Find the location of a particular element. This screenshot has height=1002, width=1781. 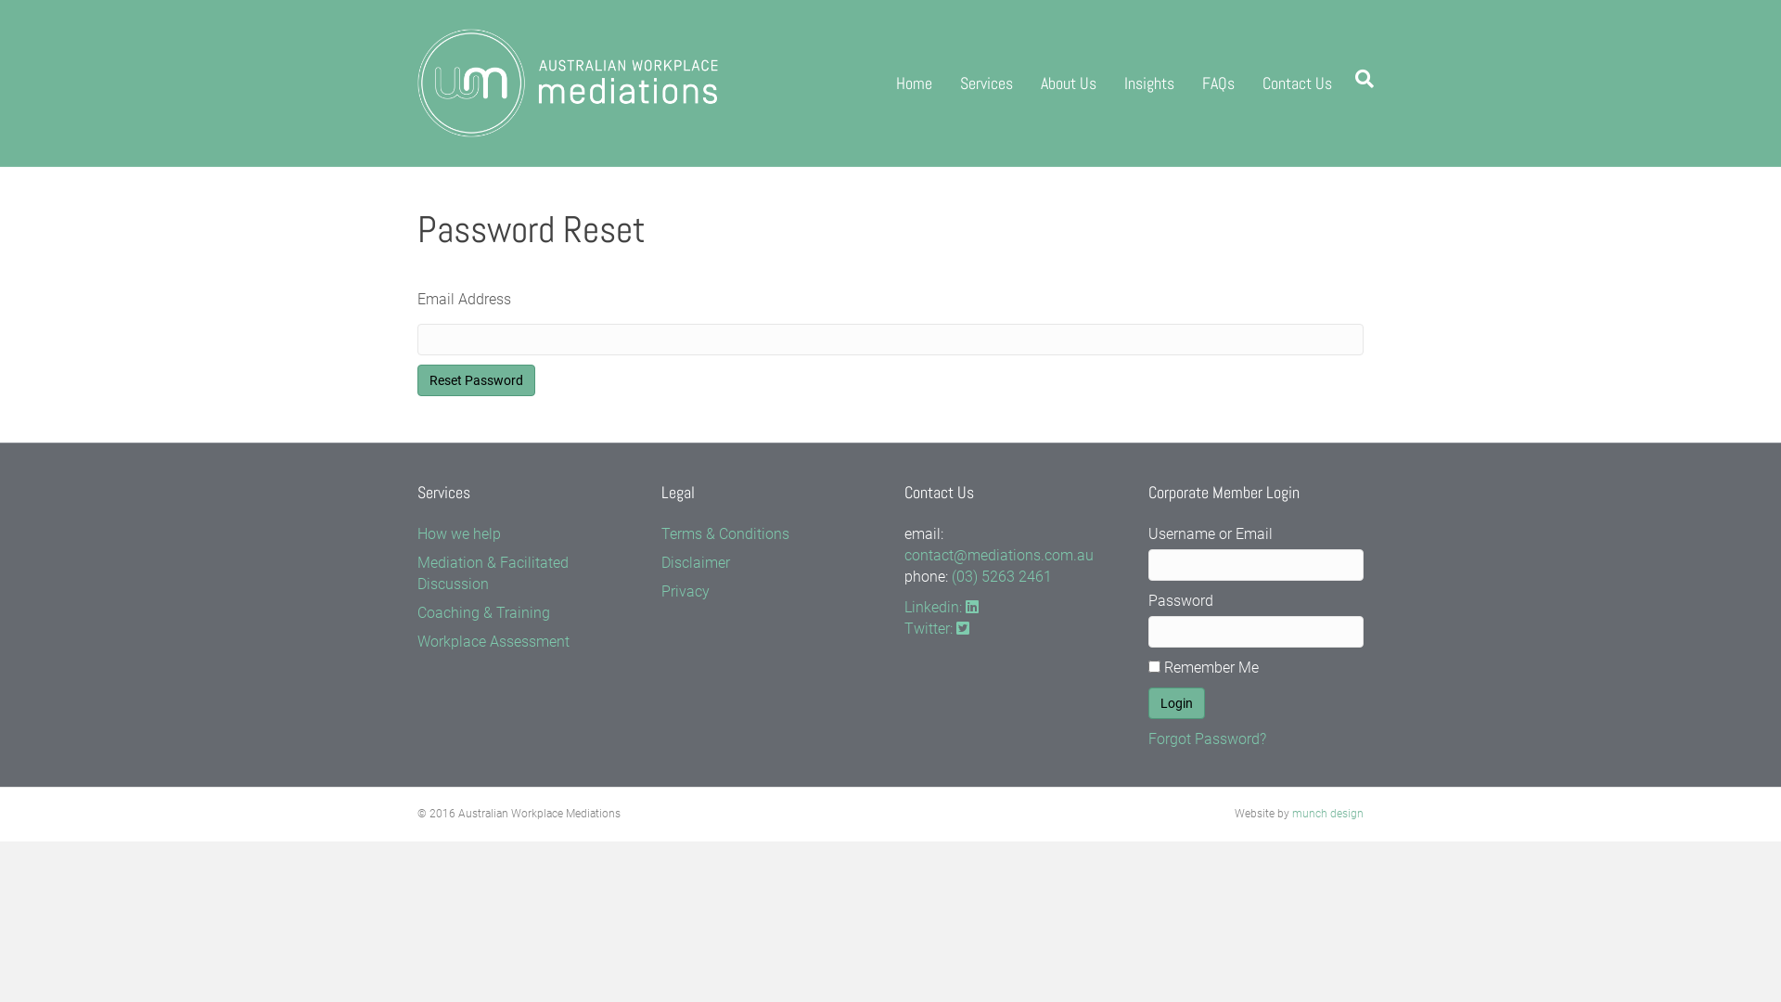

'Terms & Conditions' is located at coordinates (724, 533).